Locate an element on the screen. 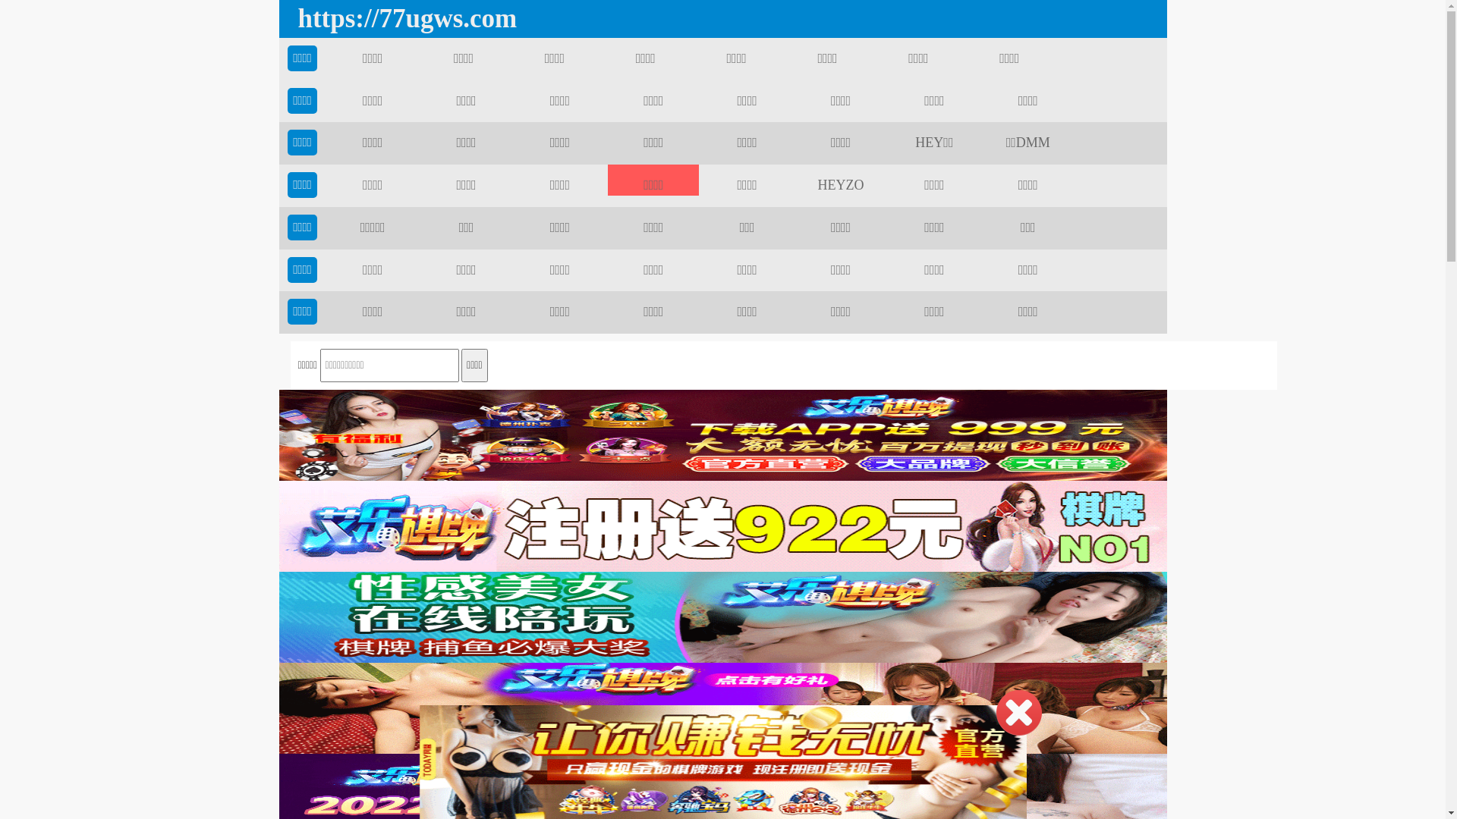 This screenshot has width=1457, height=819. 'https://77ugws.com' is located at coordinates (403, 18).